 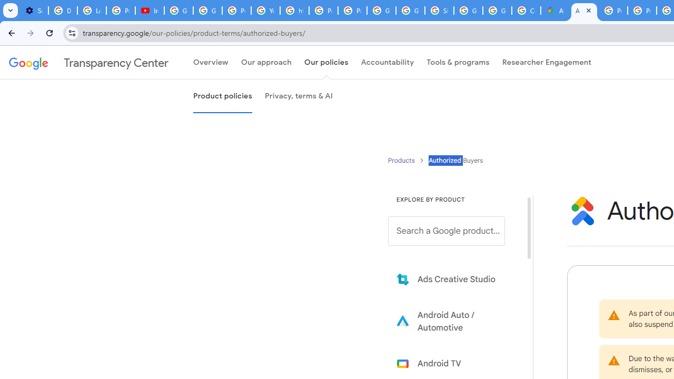 What do you see at coordinates (298, 96) in the screenshot?
I see `'Privacy, terms & AI'` at bounding box center [298, 96].